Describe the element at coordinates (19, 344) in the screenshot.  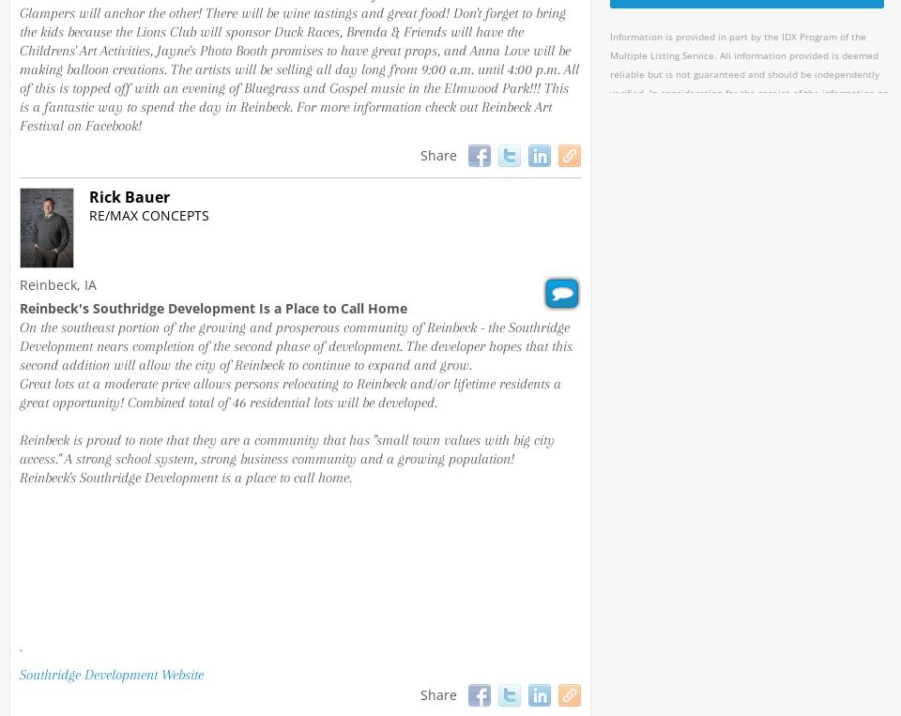
I see `'On the southeast portion of the growing and prosperous community of Reinbeck -  the Southridge Development nears completion of the second phase of development. The developer hopes that this second addition will allow the city of Reinbeck to continue to expand and grow.'` at that location.